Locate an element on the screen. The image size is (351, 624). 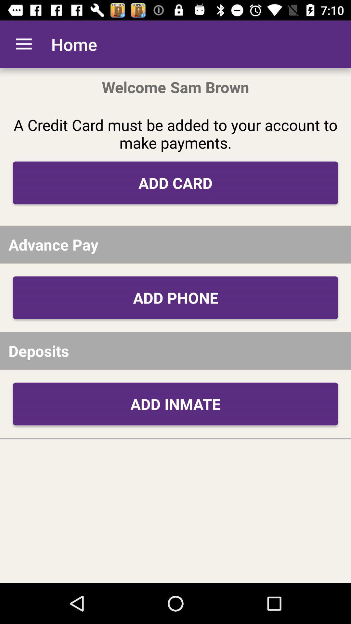
add inmate icon is located at coordinates (175, 404).